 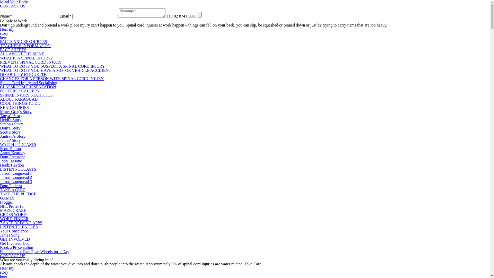 I want to click on 'LISTEN TO JINGLES', so click(x=0, y=227).